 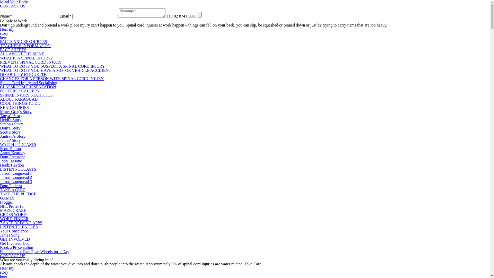 I want to click on 'LISTEN TO JINGLES', so click(x=0, y=227).